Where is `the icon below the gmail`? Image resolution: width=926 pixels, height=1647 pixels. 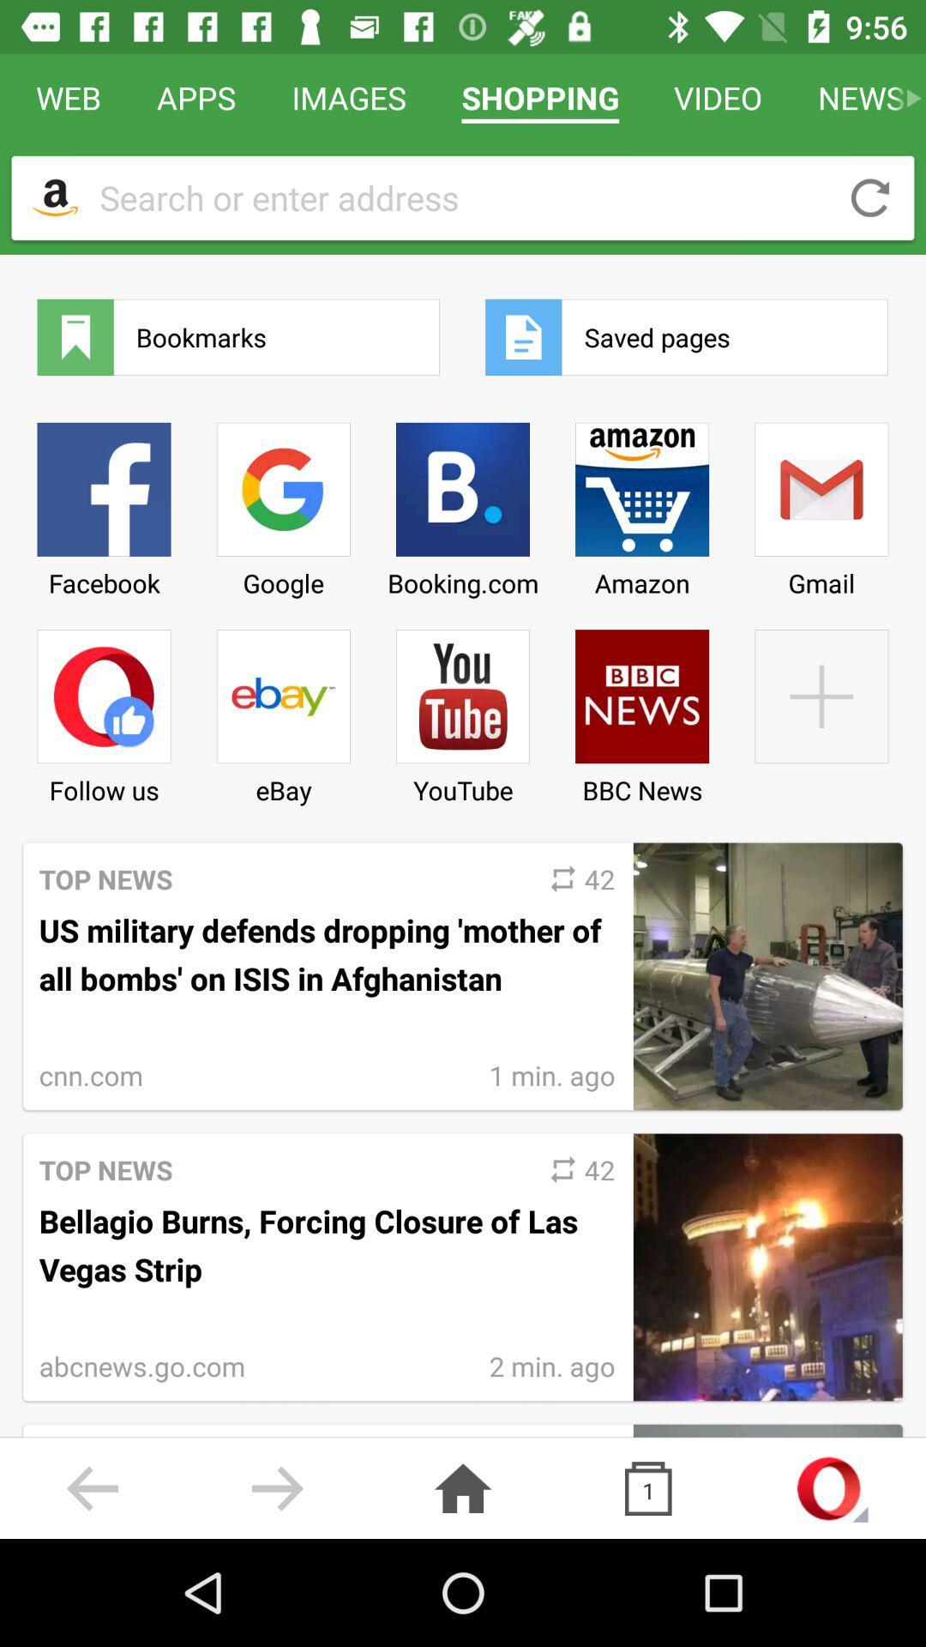 the icon below the gmail is located at coordinates (821, 710).